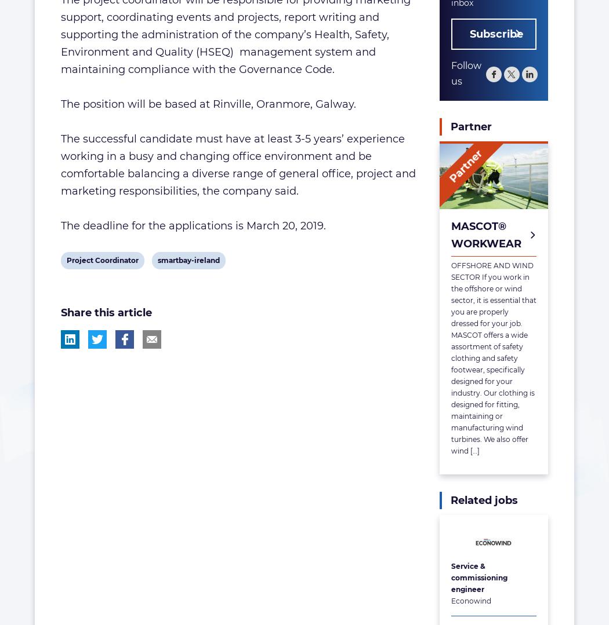 Image resolution: width=609 pixels, height=625 pixels. Describe the element at coordinates (484, 499) in the screenshot. I see `'Related jobs'` at that location.